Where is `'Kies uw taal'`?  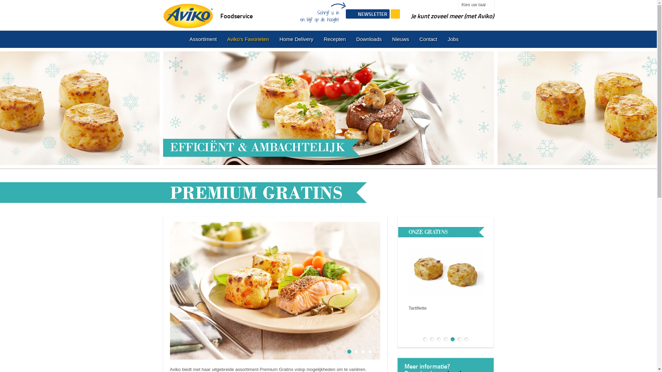
'Kies uw taal' is located at coordinates (476, 5).